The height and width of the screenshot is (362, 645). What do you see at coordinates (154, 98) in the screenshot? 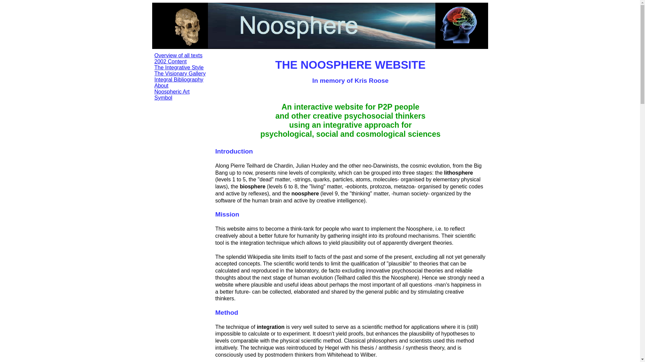
I see `'Symbol'` at bounding box center [154, 98].